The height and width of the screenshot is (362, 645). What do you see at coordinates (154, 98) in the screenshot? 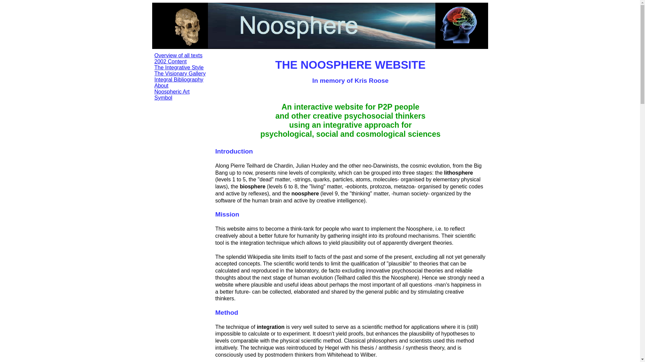
I see `'Symbol'` at bounding box center [154, 98].